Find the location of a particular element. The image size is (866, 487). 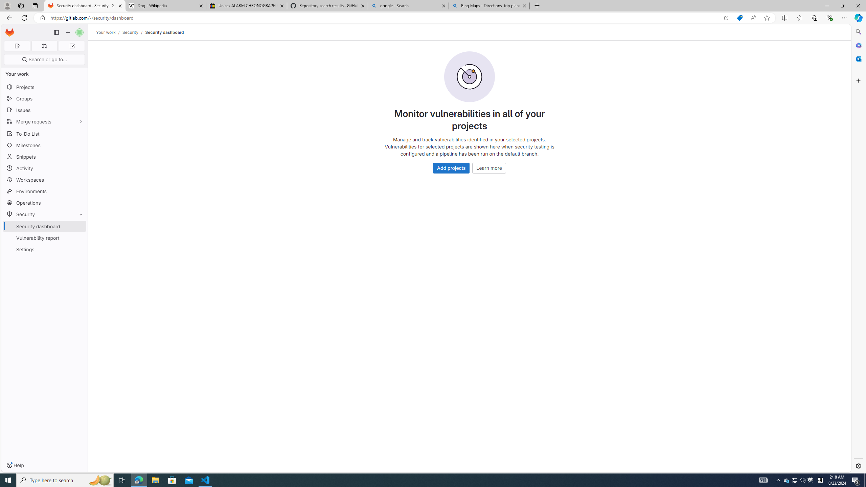

'SecuritySecurity dashboardVulnerability reportSettings' is located at coordinates (44, 232).